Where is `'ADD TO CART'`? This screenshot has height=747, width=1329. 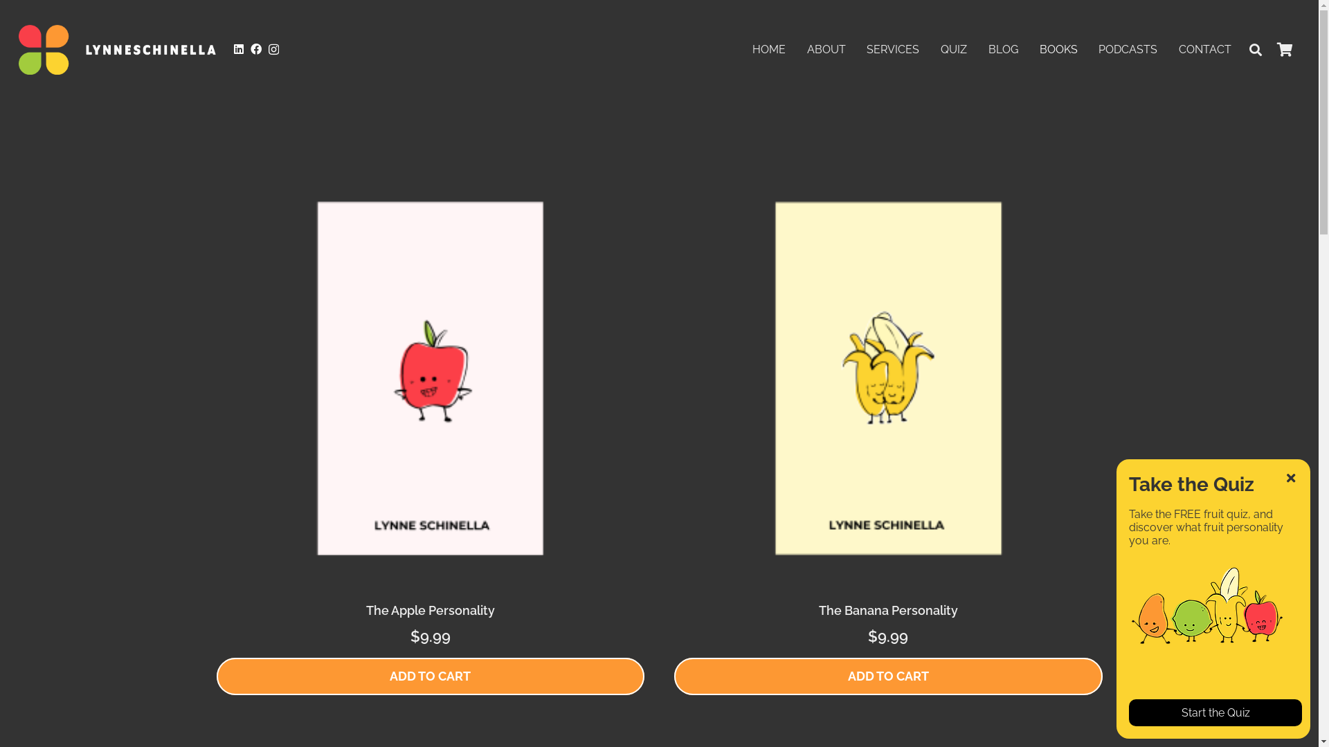
'ADD TO CART' is located at coordinates (428, 676).